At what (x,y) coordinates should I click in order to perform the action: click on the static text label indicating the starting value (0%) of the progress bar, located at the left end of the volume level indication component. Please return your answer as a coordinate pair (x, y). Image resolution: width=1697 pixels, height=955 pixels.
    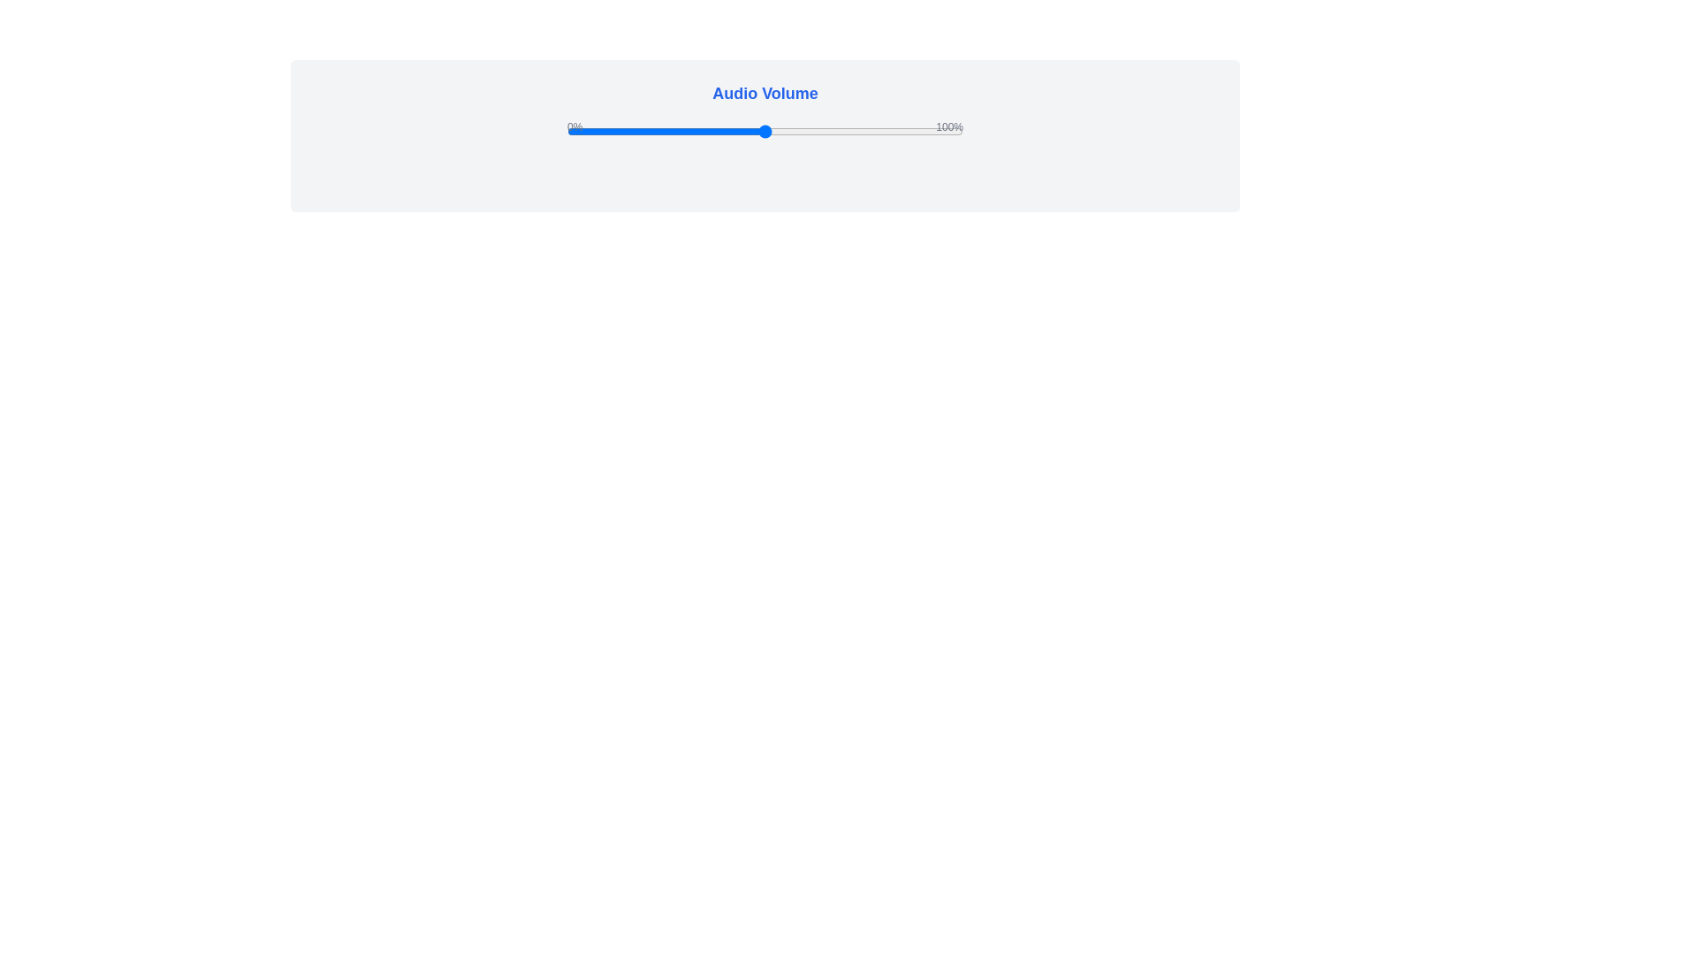
    Looking at the image, I should click on (575, 126).